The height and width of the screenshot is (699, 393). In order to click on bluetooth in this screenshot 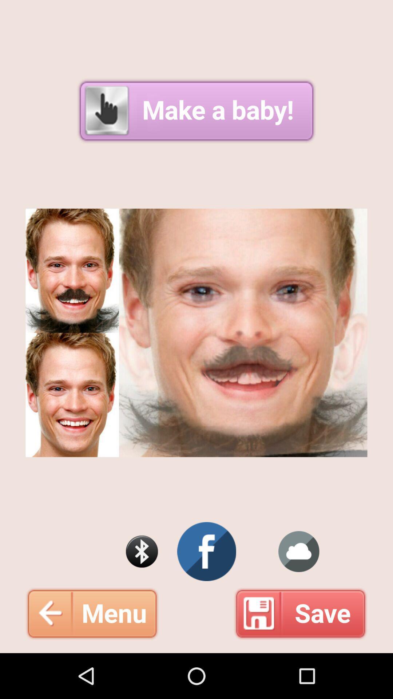, I will do `click(142, 552)`.